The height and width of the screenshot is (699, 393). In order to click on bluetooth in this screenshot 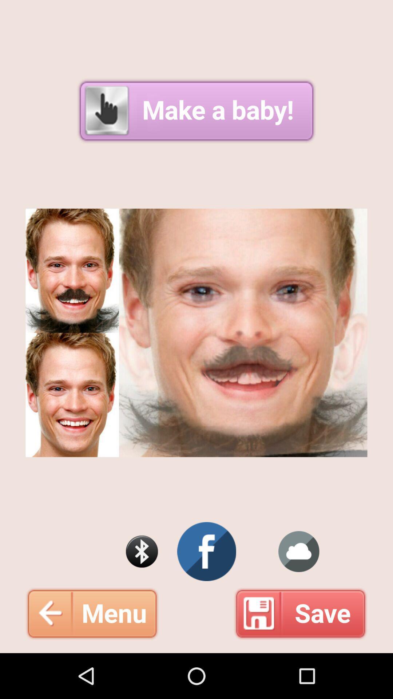, I will do `click(142, 552)`.